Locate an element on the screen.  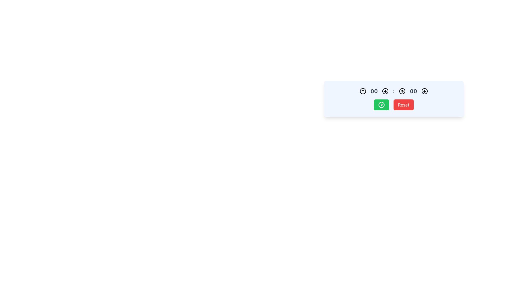
the circular icon with an upward arrow, which is the fifth element in the horizontal sequence, located to the right of the ':' symbol and between two '00' labels is located at coordinates (402, 91).